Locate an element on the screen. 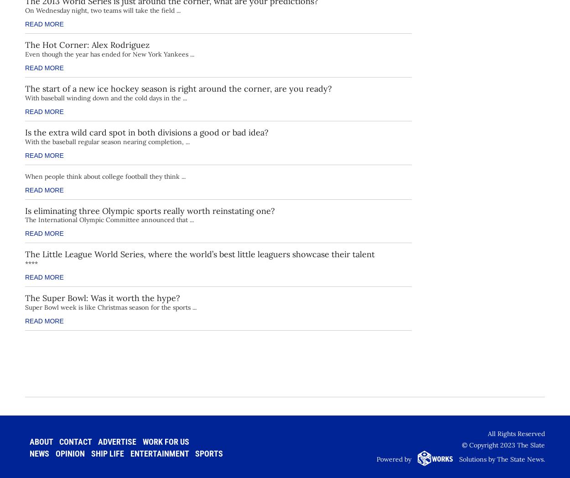 Image resolution: width=570 pixels, height=478 pixels. 'On Wednesday night, two teams will take the field ...' is located at coordinates (102, 10).